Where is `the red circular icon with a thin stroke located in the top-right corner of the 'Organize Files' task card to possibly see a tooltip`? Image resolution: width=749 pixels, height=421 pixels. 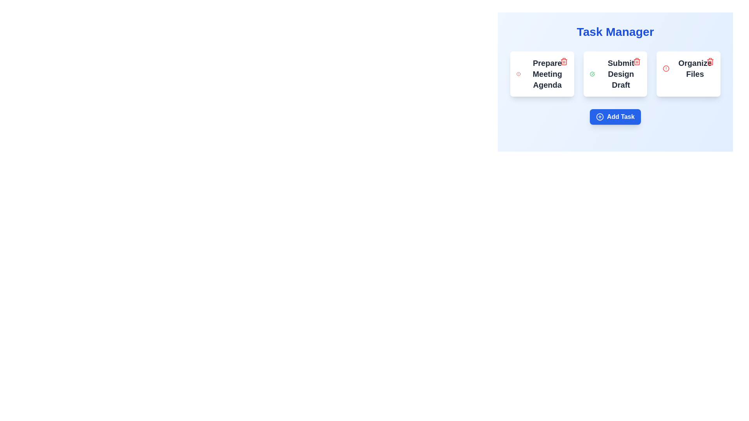 the red circular icon with a thin stroke located in the top-right corner of the 'Organize Files' task card to possibly see a tooltip is located at coordinates (518, 74).